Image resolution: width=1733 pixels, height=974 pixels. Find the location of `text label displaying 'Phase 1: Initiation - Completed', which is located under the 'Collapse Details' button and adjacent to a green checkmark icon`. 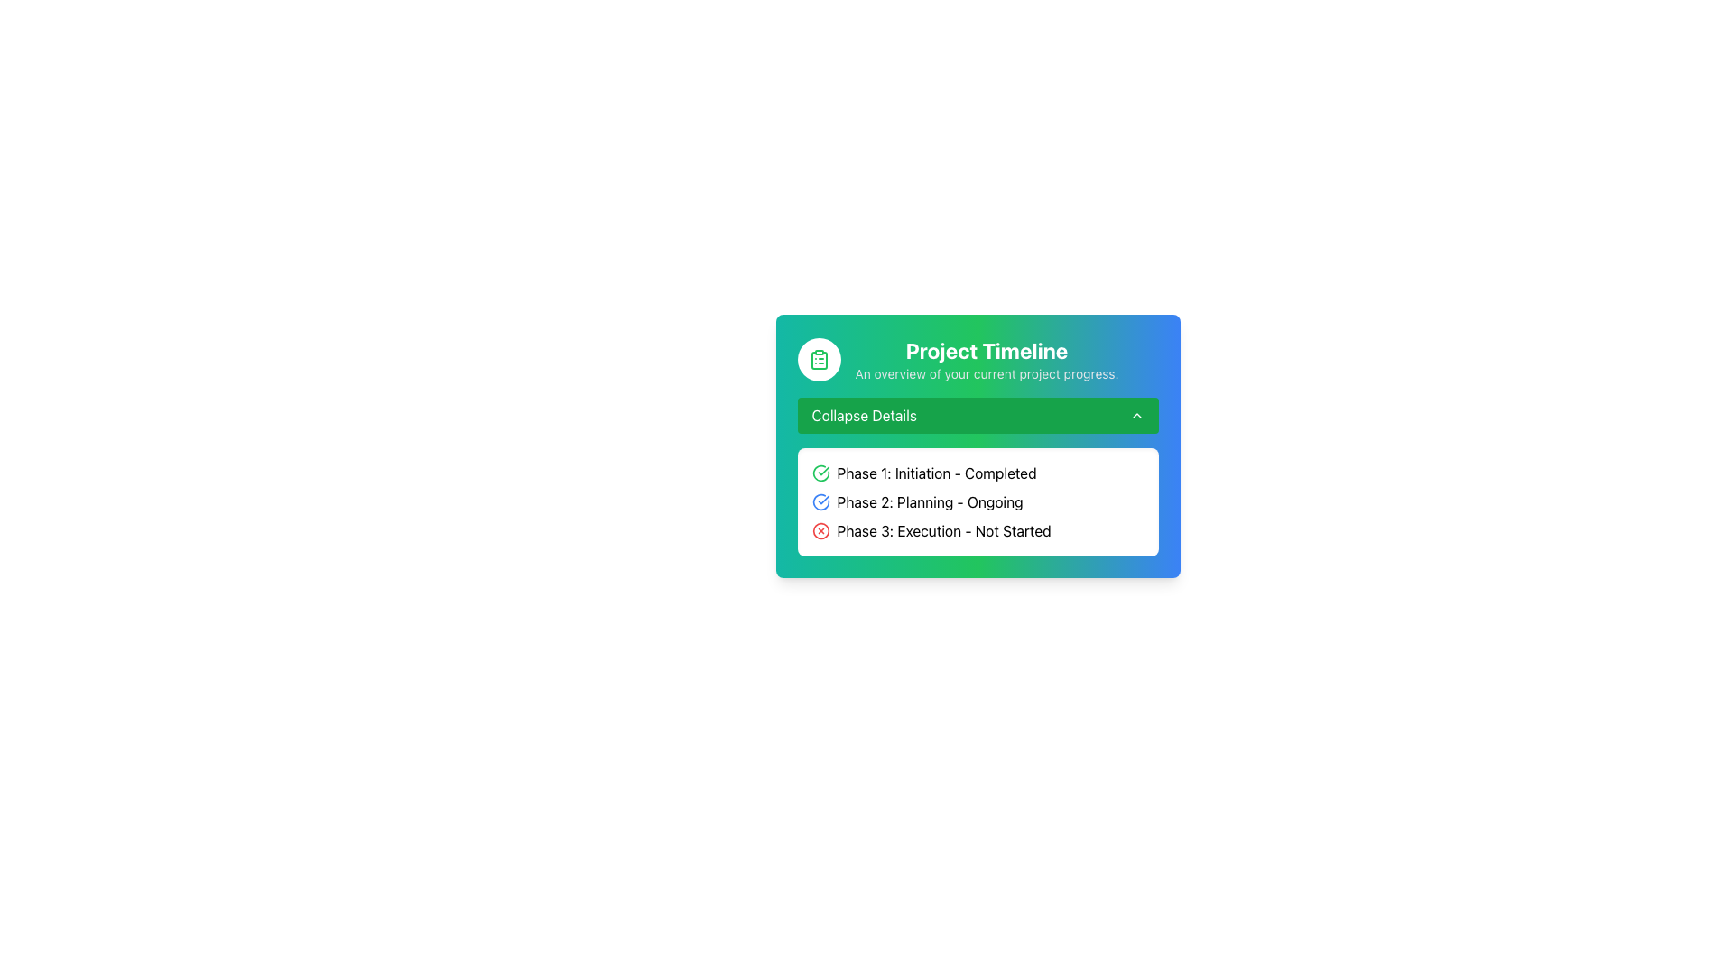

text label displaying 'Phase 1: Initiation - Completed', which is located under the 'Collapse Details' button and adjacent to a green checkmark icon is located at coordinates (937, 472).